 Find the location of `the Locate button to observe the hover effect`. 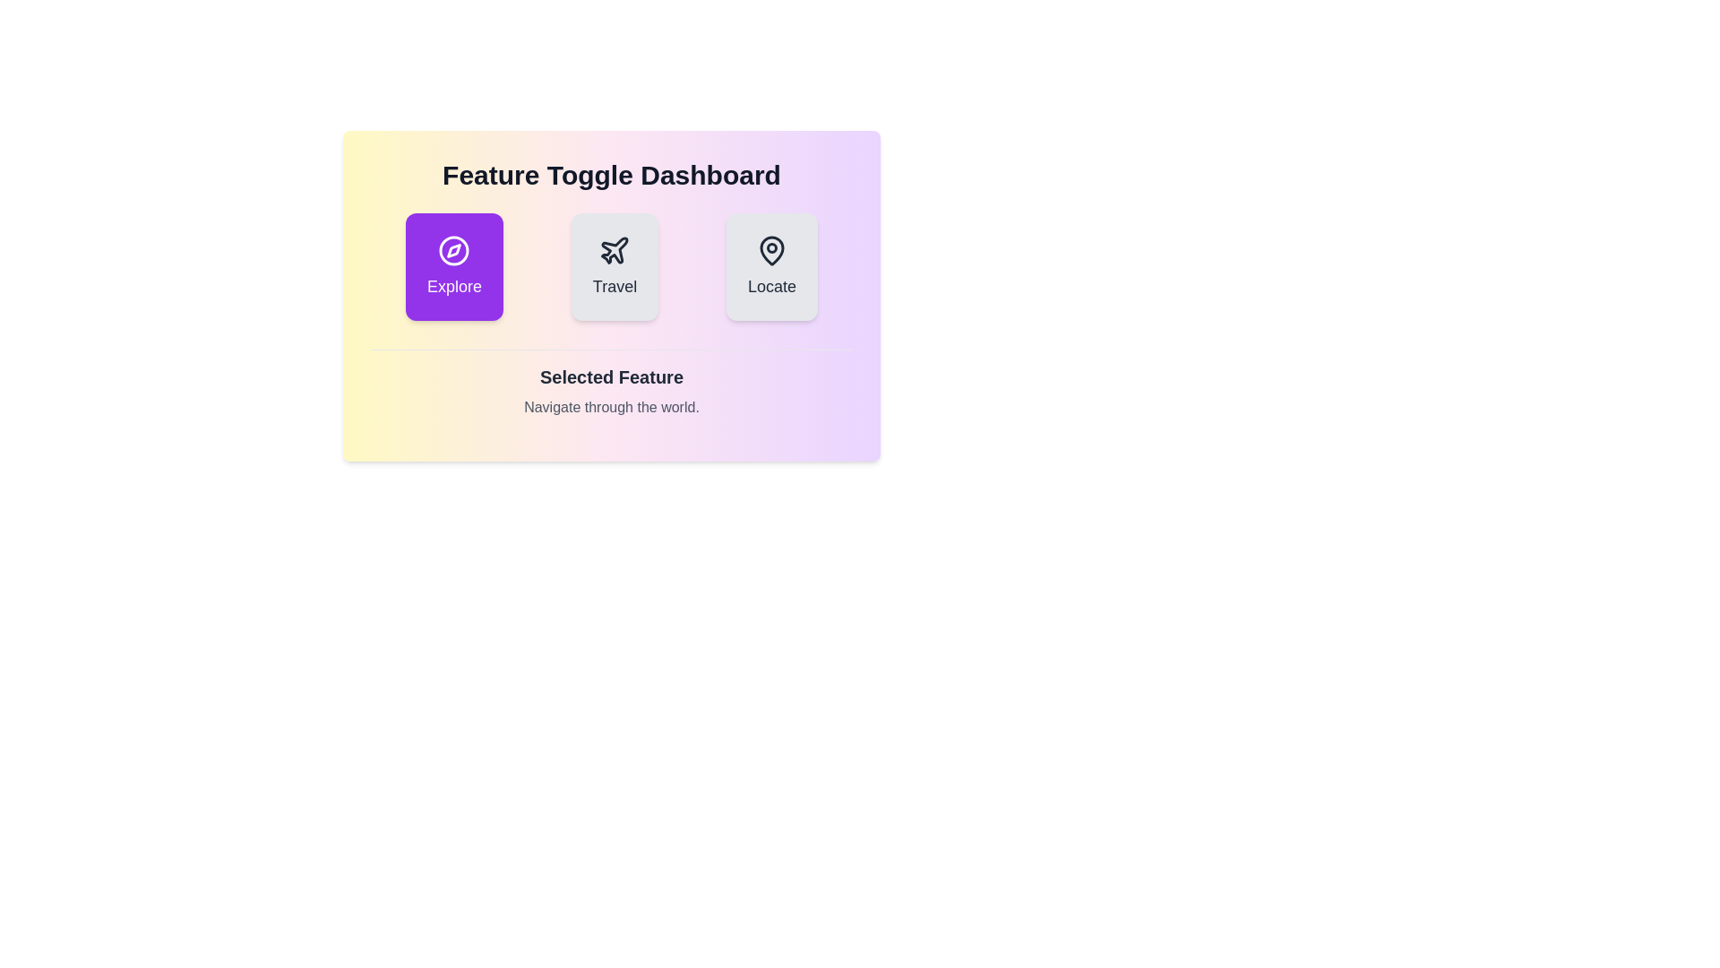

the Locate button to observe the hover effect is located at coordinates (772, 266).